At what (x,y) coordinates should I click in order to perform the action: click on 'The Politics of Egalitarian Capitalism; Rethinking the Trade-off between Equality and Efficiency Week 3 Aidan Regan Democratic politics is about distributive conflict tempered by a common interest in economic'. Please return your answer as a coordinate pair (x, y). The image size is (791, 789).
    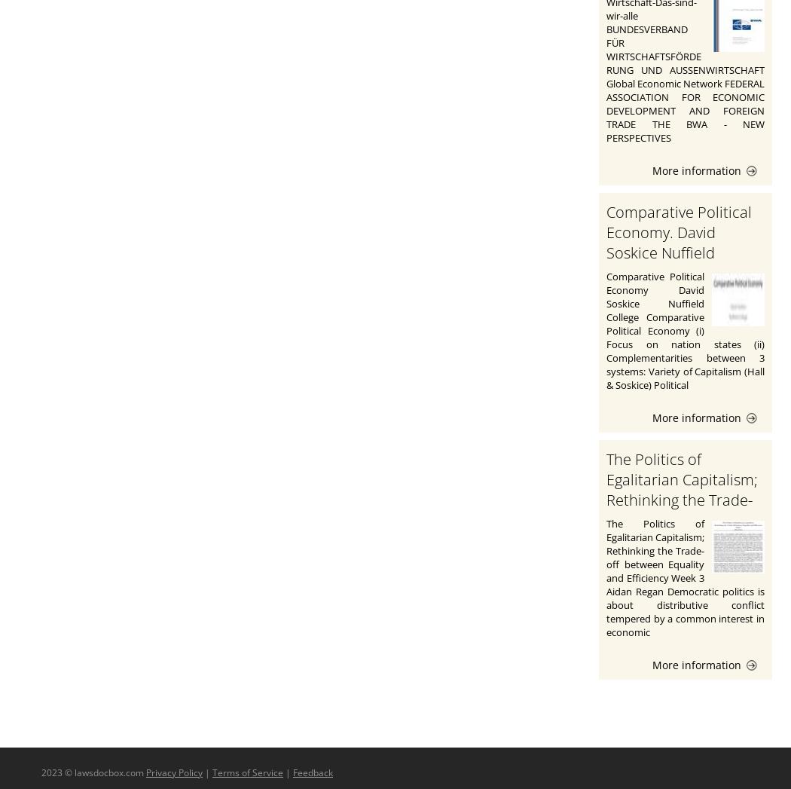
    Looking at the image, I should click on (686, 576).